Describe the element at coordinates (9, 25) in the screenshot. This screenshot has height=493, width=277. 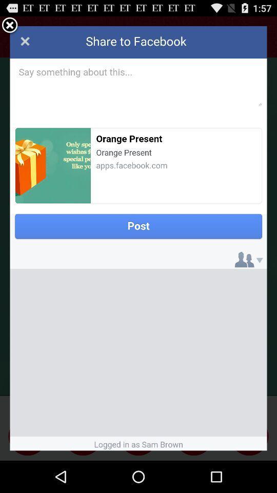
I see `icon at the top left corner` at that location.